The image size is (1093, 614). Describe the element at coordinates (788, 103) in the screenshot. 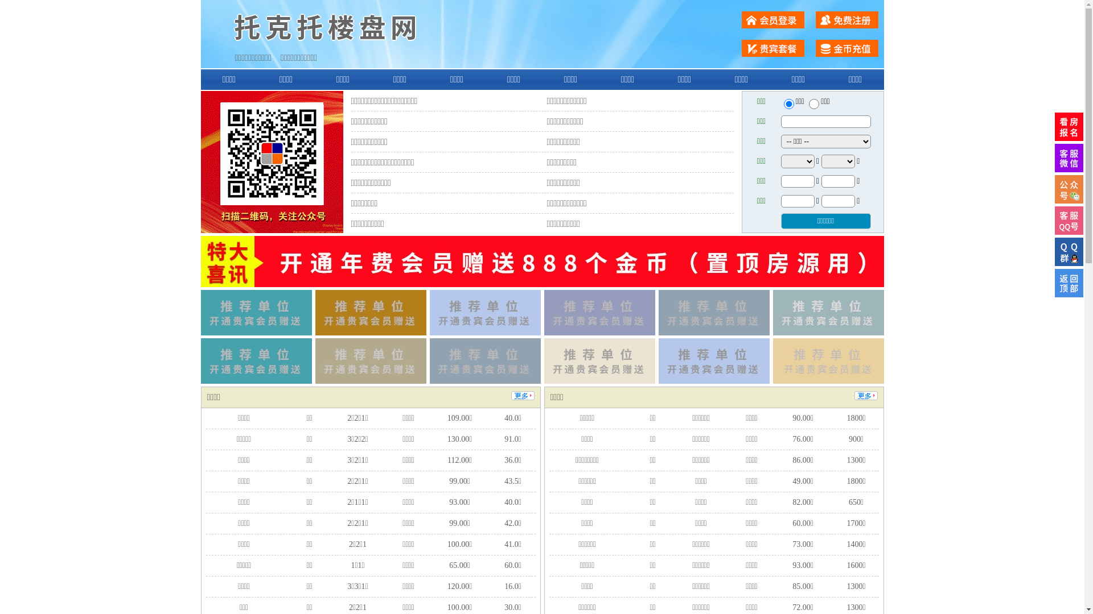

I see `'ershou'` at that location.